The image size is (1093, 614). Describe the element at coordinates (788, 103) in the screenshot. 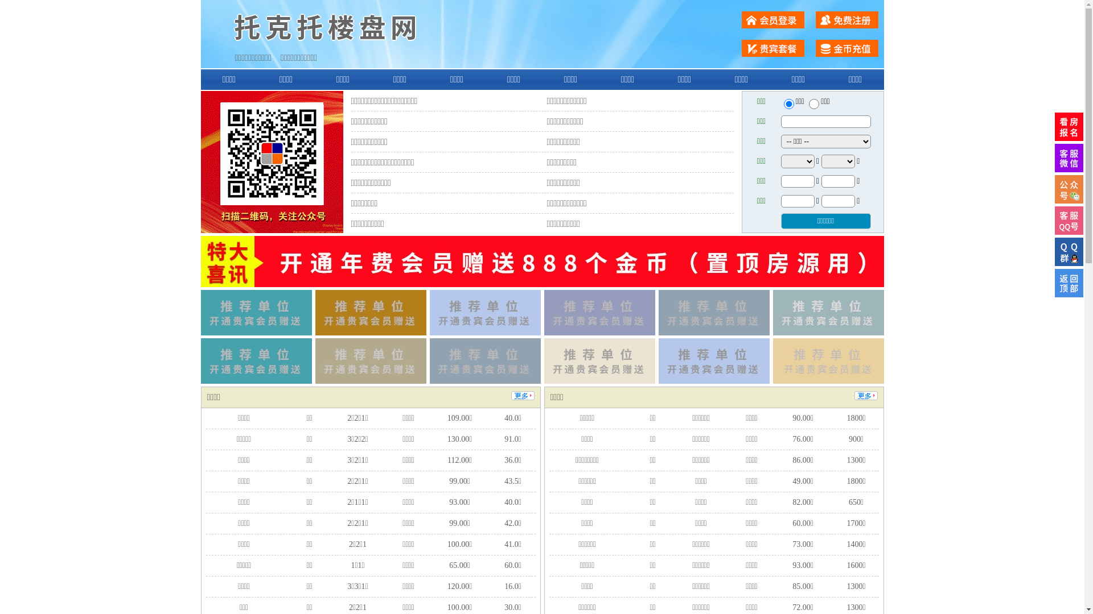

I see `'ershou'` at that location.